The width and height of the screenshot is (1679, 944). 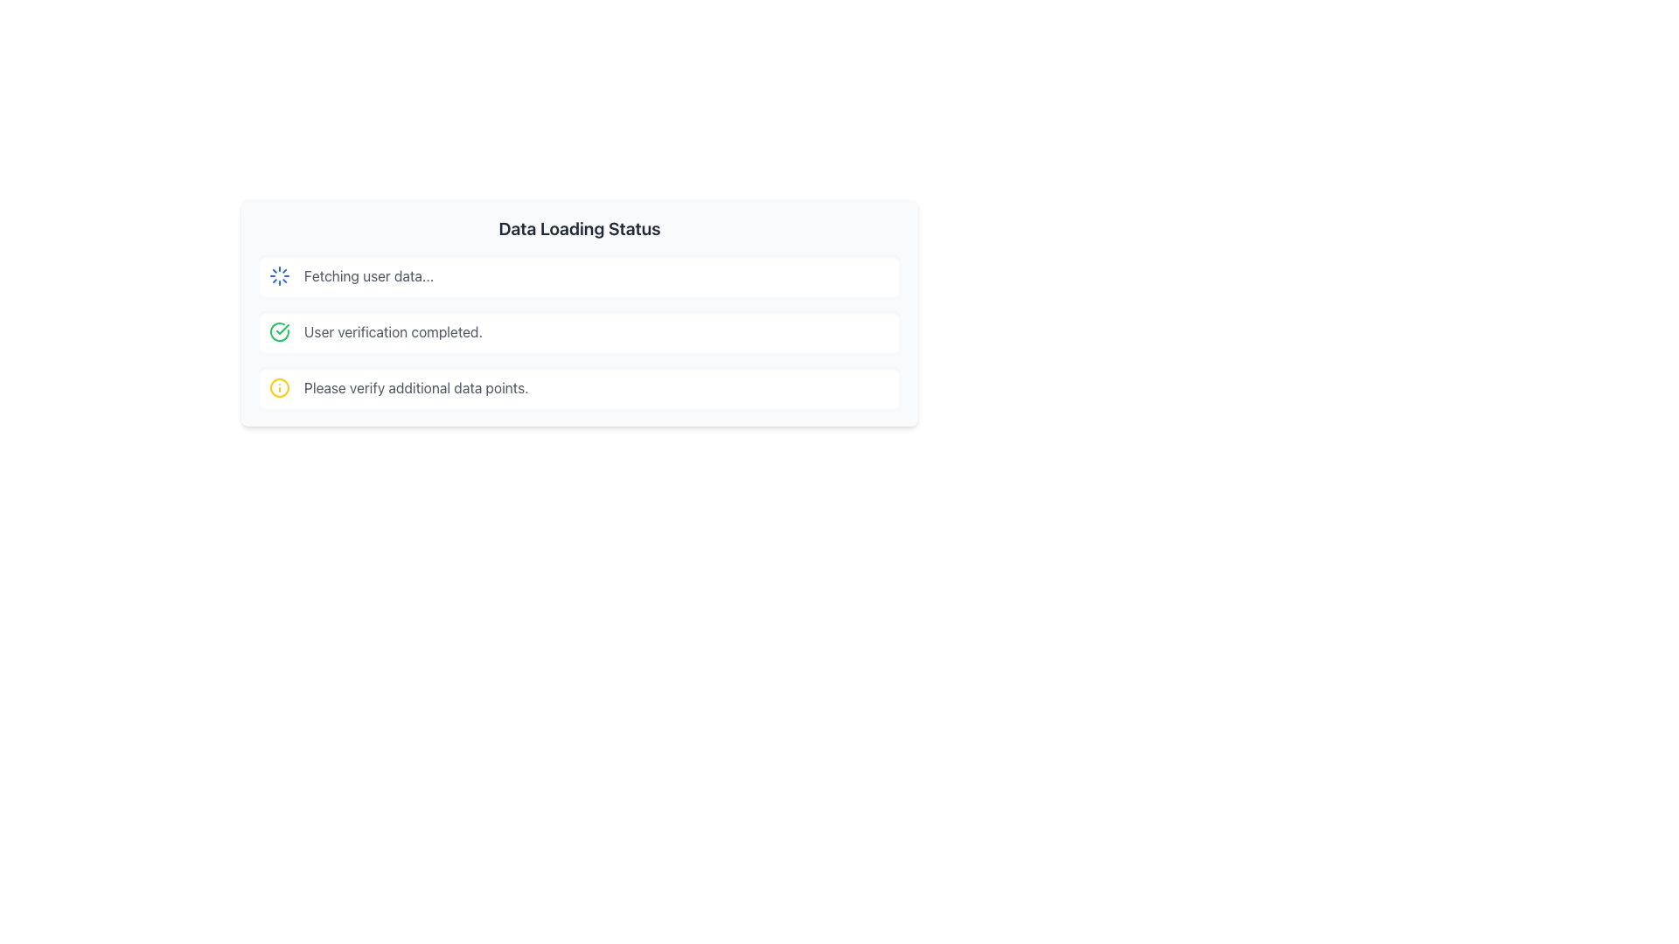 I want to click on the semi-circle part of the SVG icon representing a circular checkmark, which is styled with a green stroke and indicates user verification completed, so click(x=280, y=332).